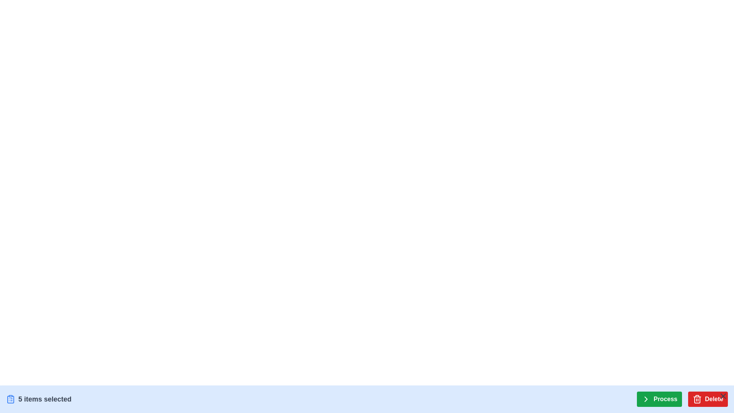  What do you see at coordinates (44, 399) in the screenshot?
I see `the Label/Text Display that indicates the number of items currently selected, located to the right of the blue clipboard icon in the lower-left portion of the interface` at bounding box center [44, 399].